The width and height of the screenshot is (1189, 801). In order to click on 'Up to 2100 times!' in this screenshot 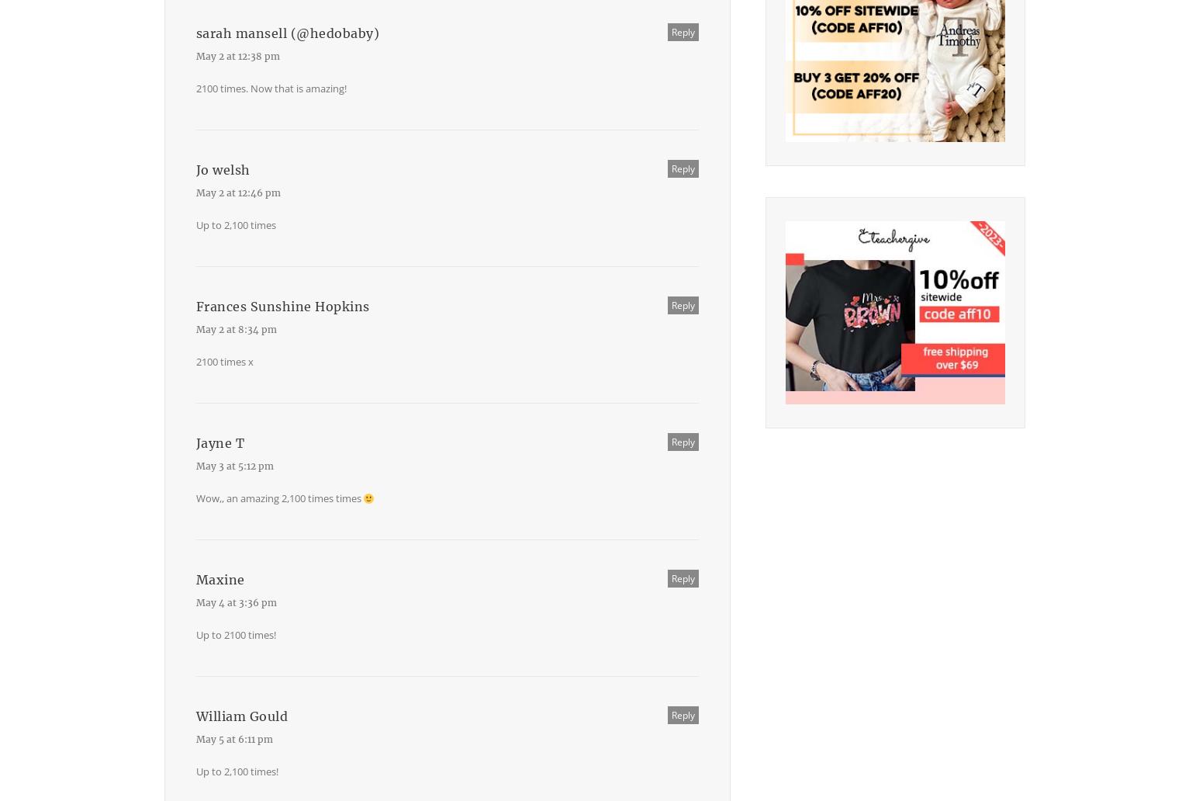, I will do `click(235, 634)`.